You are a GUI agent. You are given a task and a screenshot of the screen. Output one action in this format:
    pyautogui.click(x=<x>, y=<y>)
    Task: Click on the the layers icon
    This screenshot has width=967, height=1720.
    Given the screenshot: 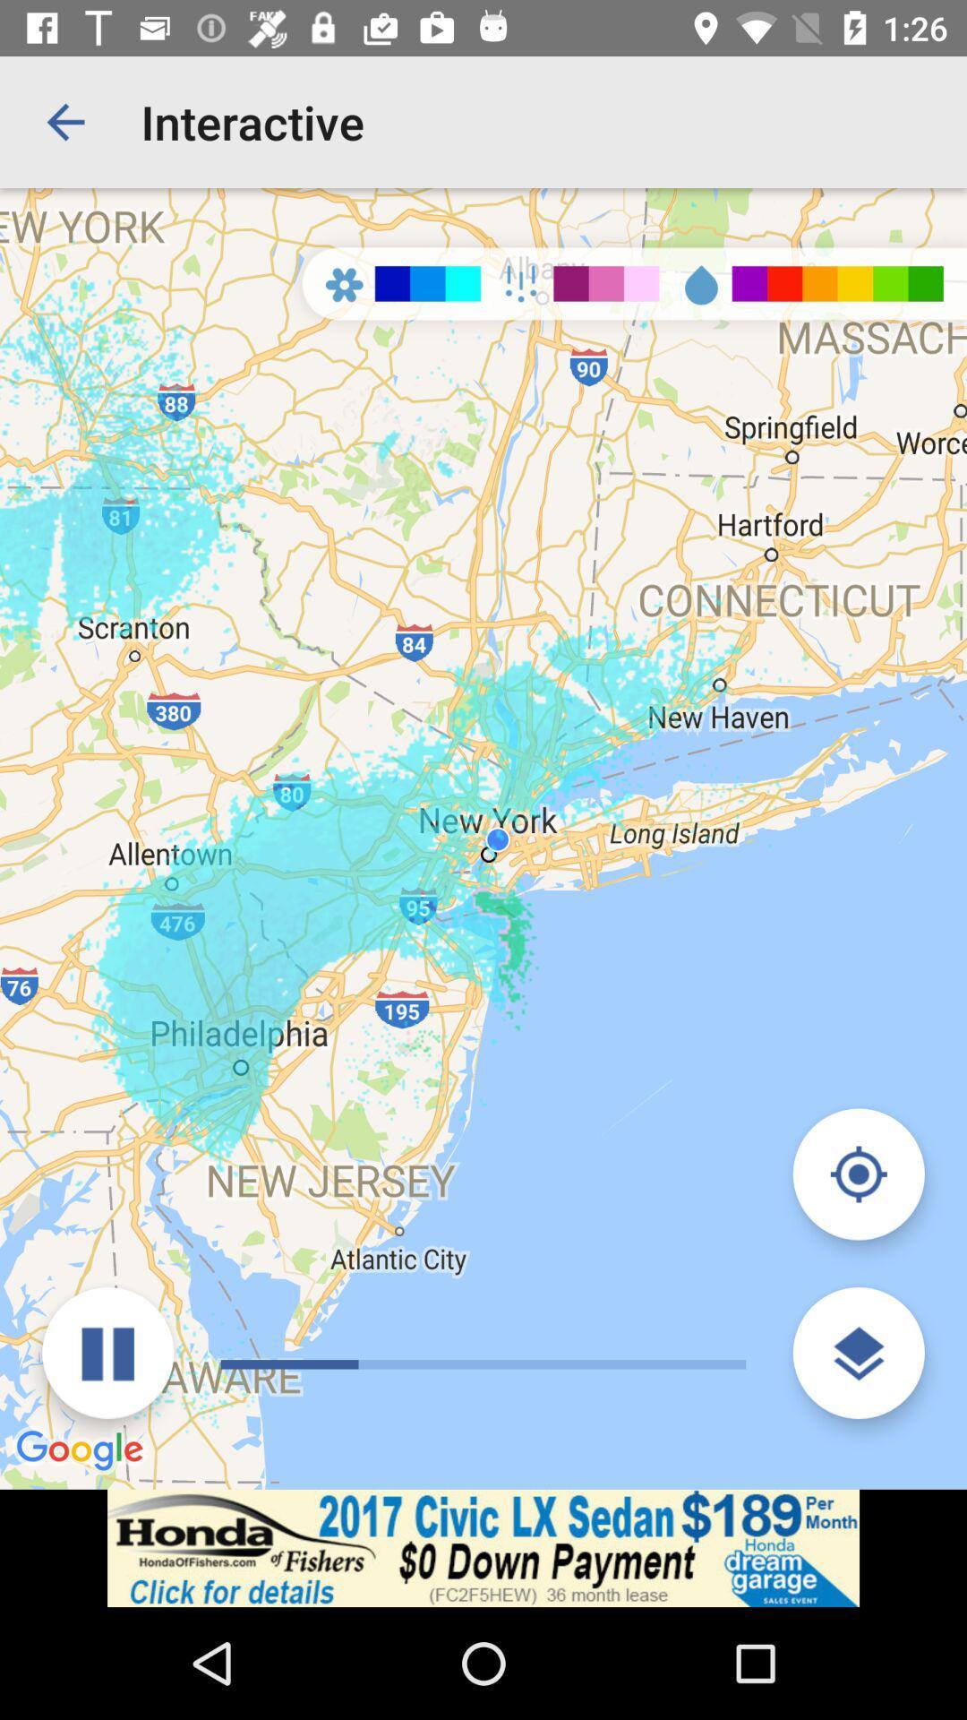 What is the action you would take?
    pyautogui.click(x=858, y=1353)
    